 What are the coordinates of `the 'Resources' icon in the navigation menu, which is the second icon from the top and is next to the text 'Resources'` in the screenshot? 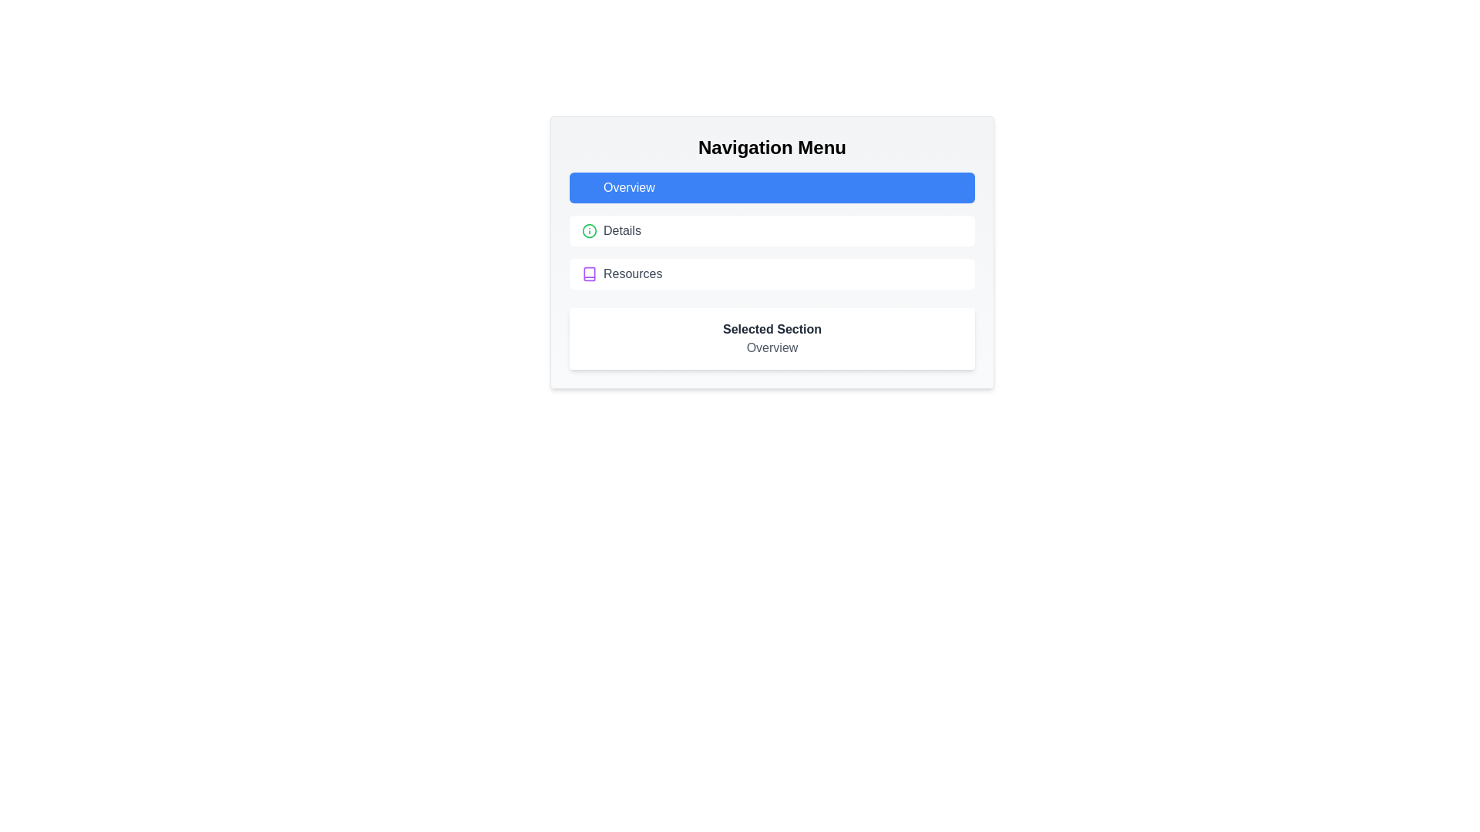 It's located at (588, 273).